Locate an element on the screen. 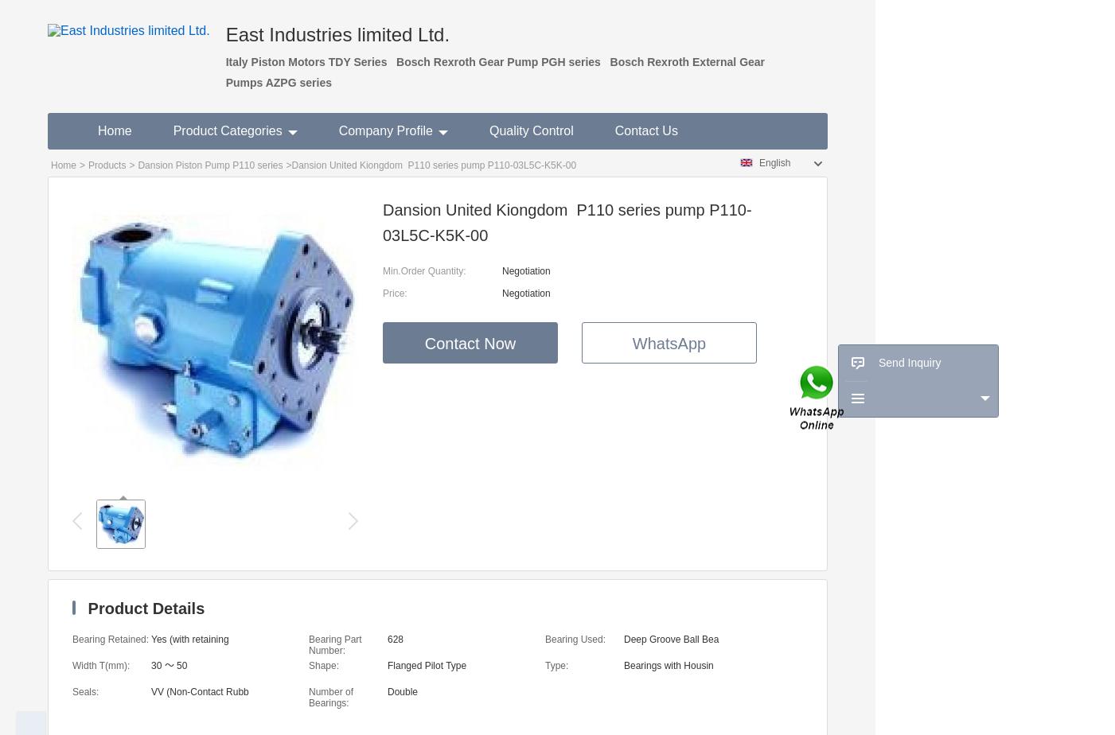 The image size is (1115, 735). 'Browse by Category' is located at coordinates (889, 434).